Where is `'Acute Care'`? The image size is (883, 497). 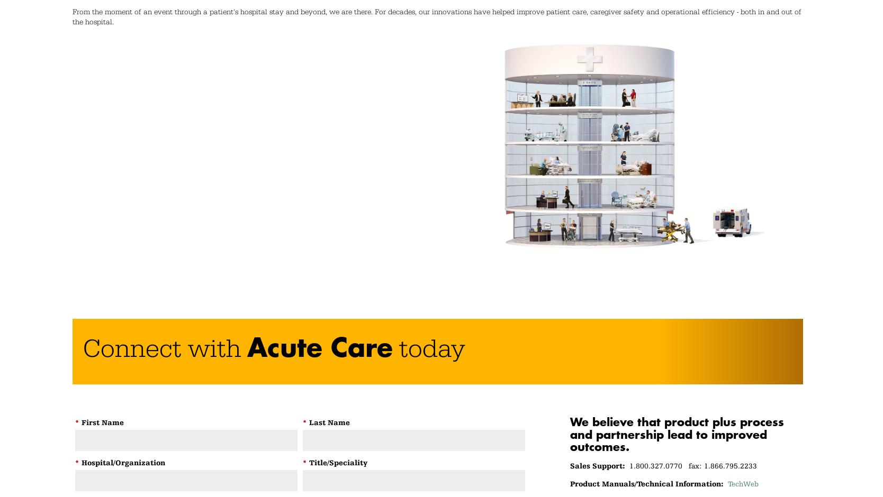 'Acute Care' is located at coordinates (247, 347).